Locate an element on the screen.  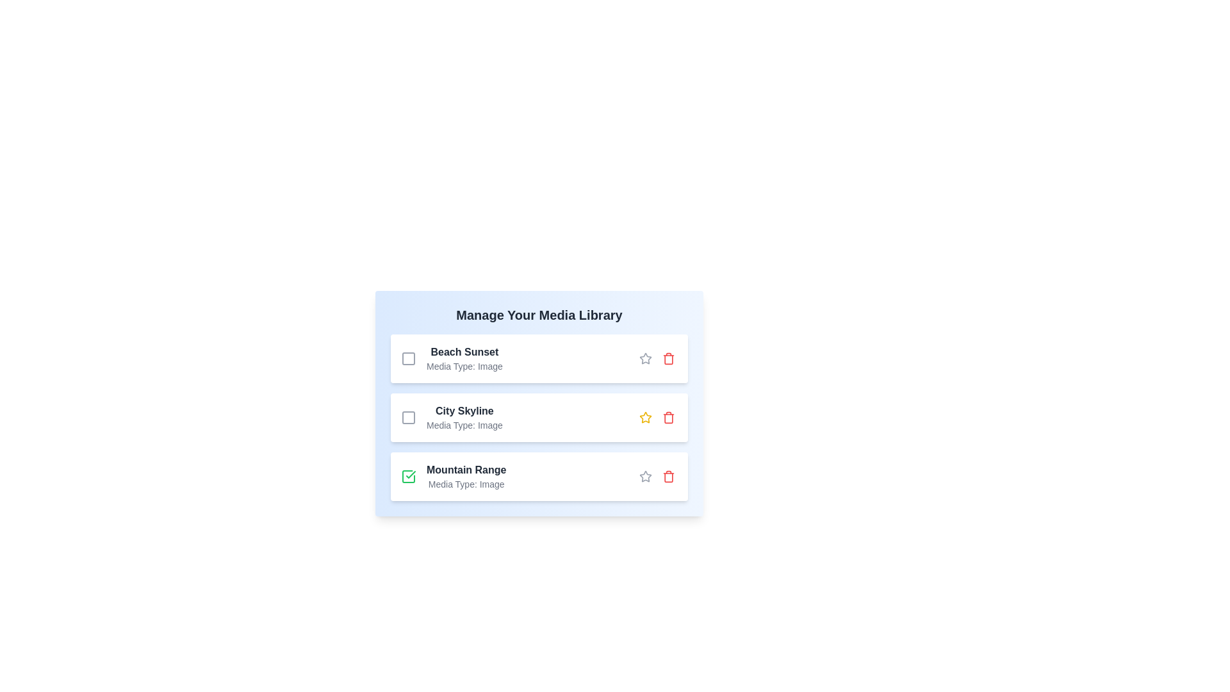
the media item titled City Skyline is located at coordinates (408, 417).